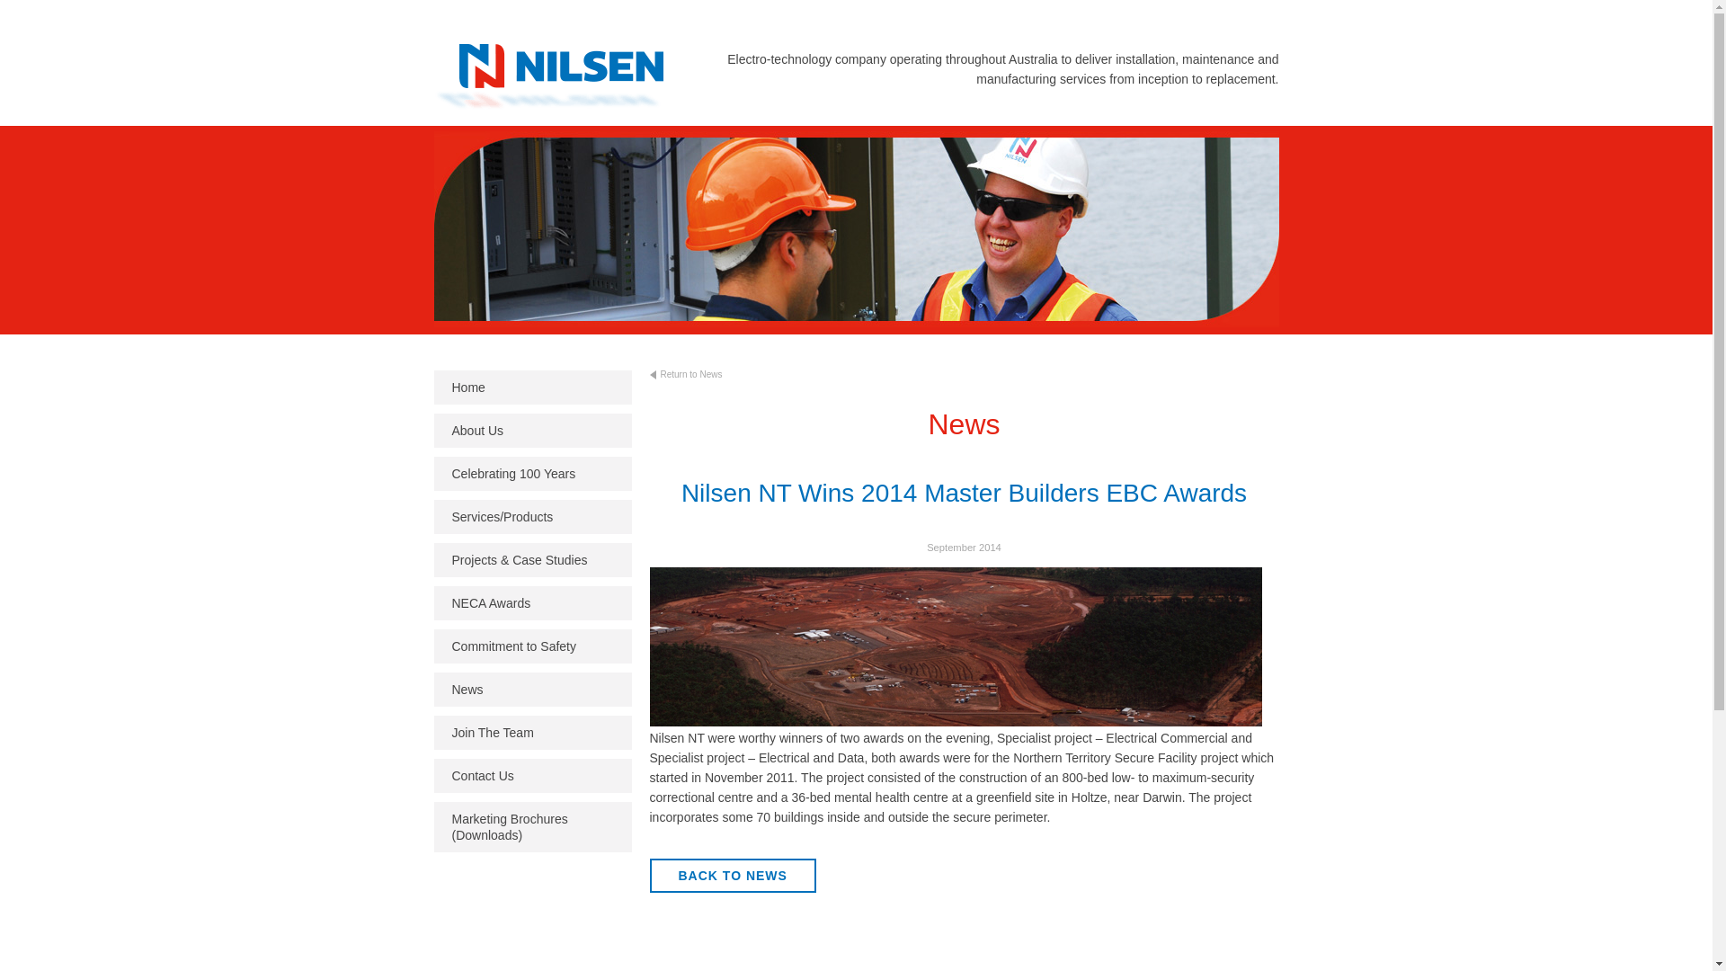 This screenshot has width=1726, height=971. I want to click on 'News', so click(530, 689).